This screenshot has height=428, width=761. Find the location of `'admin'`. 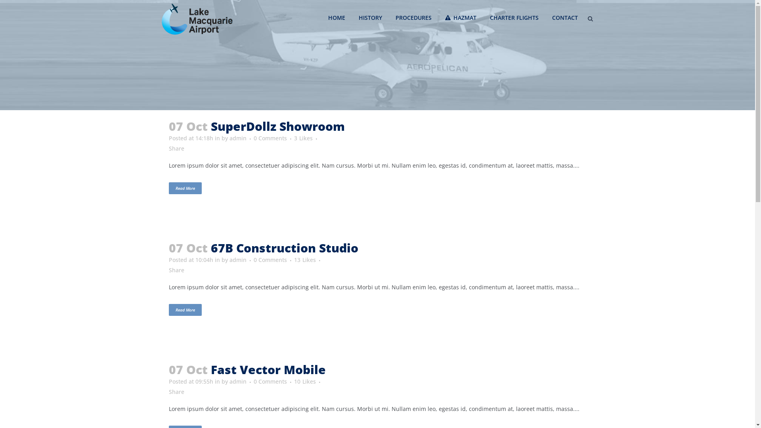

'admin' is located at coordinates (237, 381).